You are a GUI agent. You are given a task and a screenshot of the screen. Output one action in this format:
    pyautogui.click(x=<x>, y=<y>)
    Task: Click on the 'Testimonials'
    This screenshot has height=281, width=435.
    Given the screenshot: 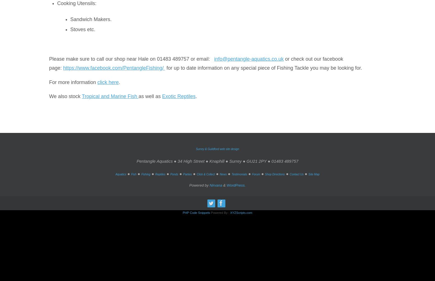 What is the action you would take?
    pyautogui.click(x=239, y=174)
    